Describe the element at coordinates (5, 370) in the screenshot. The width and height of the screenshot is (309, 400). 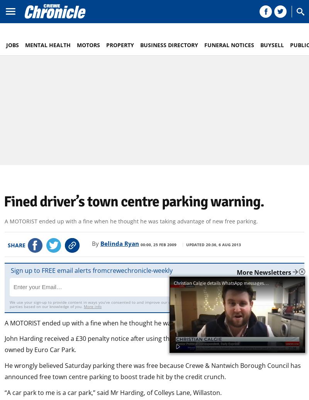
I see `'He wrongly believed Saturday parking there was free because Crewe & Nantwich Borough Council has announced free town centre parking to boost trade hit by the credit crunch.'` at that location.